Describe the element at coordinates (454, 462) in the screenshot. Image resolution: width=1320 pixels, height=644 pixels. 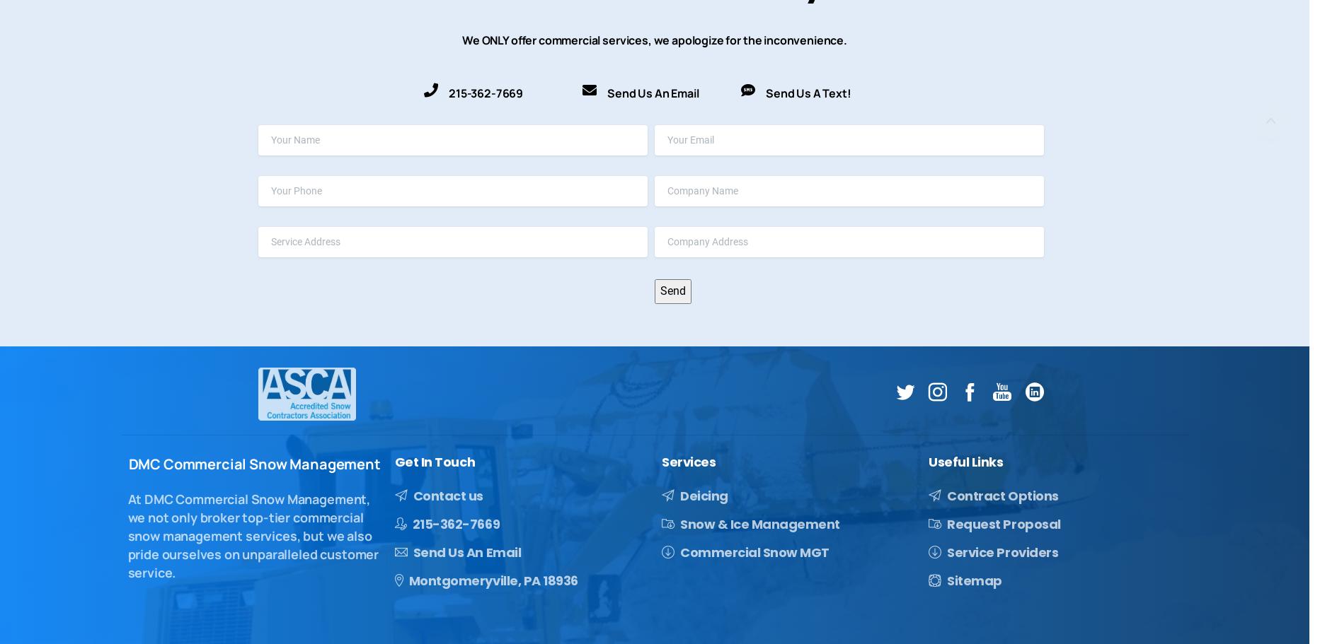
I see `'Touch'` at that location.